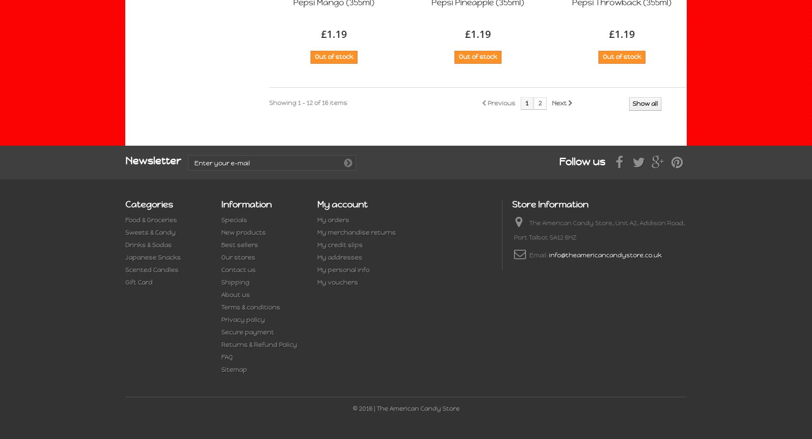  What do you see at coordinates (645, 103) in the screenshot?
I see `'Show all'` at bounding box center [645, 103].